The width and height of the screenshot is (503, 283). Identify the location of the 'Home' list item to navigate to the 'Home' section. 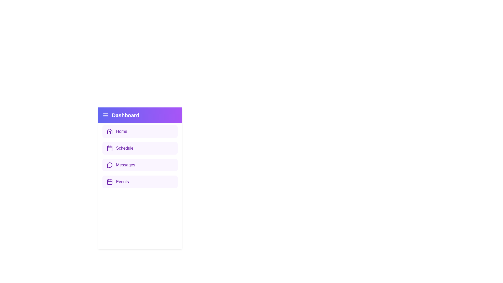
(140, 131).